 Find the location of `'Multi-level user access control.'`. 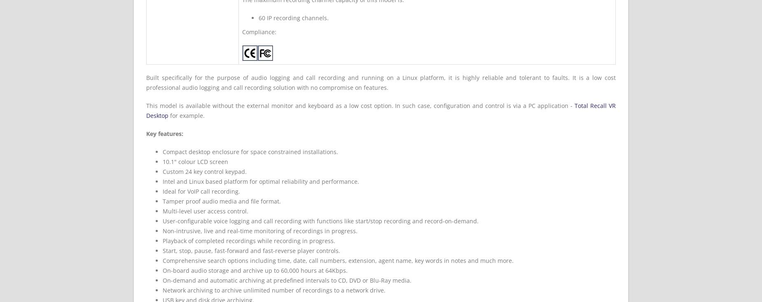

'Multi-level user access control.' is located at coordinates (205, 211).